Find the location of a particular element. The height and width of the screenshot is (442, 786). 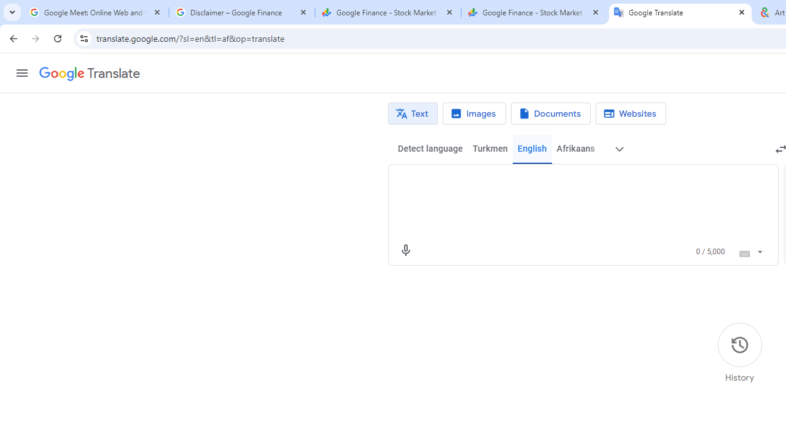

'Main menu' is located at coordinates (21, 73).